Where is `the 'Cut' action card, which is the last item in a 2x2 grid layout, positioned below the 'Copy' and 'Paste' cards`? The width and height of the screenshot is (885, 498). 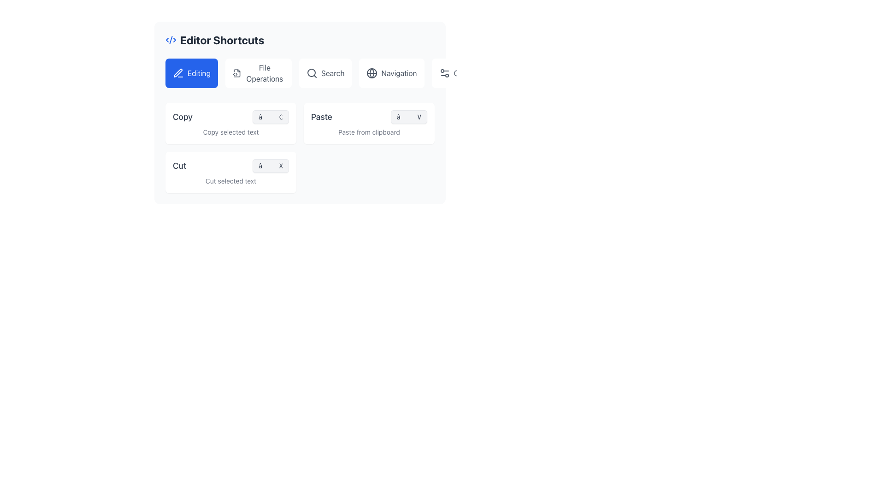 the 'Cut' action card, which is the last item in a 2x2 grid layout, positioned below the 'Copy' and 'Paste' cards is located at coordinates (230, 172).